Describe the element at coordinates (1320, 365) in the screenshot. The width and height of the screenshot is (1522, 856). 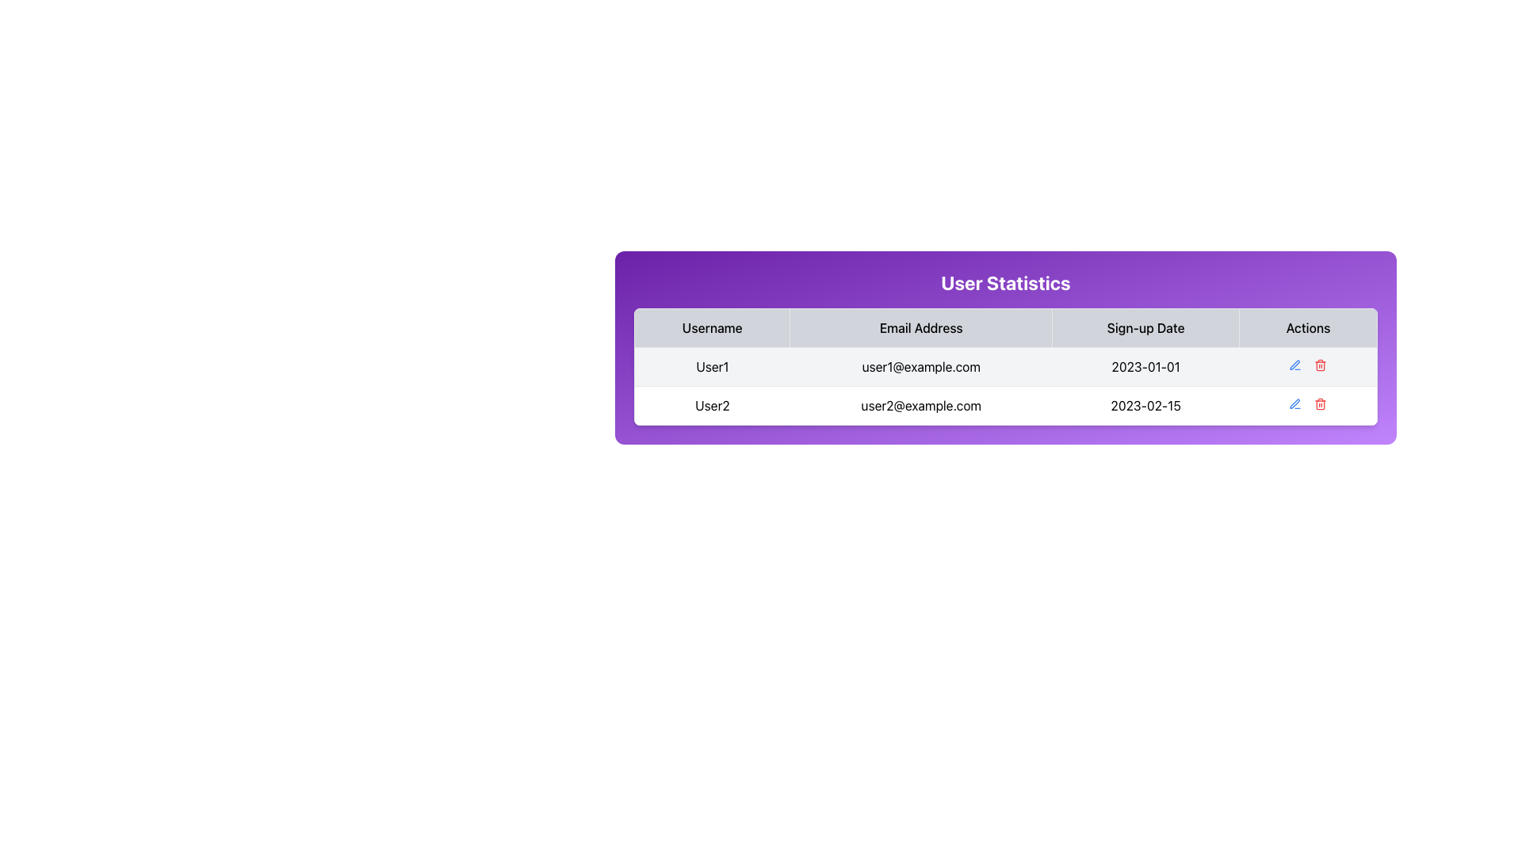
I see `the red trash icon button` at that location.